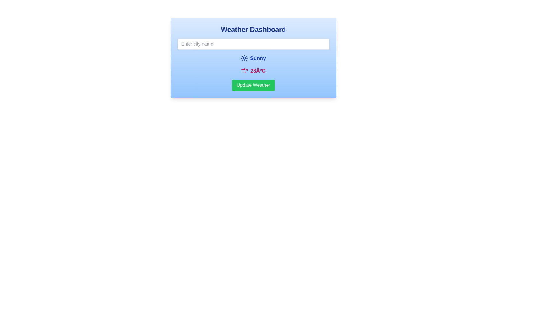 The width and height of the screenshot is (552, 310). What do you see at coordinates (253, 70) in the screenshot?
I see `the static text displaying the current temperature and wind indicator in the Weather Dashboard interface, located beneath the 'Sunny' field and above the 'Update Weather' button` at bounding box center [253, 70].